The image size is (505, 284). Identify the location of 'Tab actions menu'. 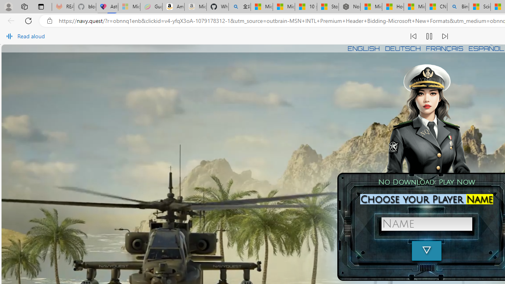
(41, 6).